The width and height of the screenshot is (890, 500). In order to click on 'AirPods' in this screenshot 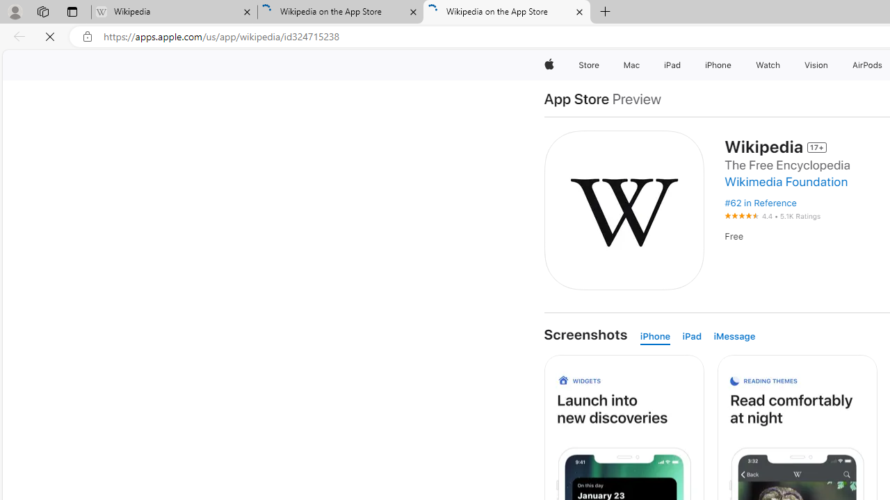, I will do `click(867, 65)`.